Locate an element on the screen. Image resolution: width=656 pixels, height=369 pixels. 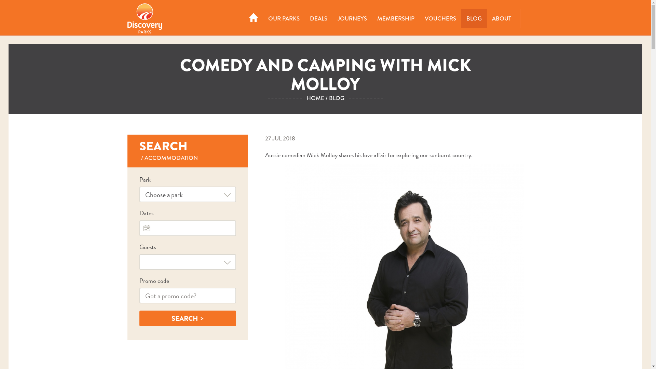
'OUR PARKS' is located at coordinates (284, 18).